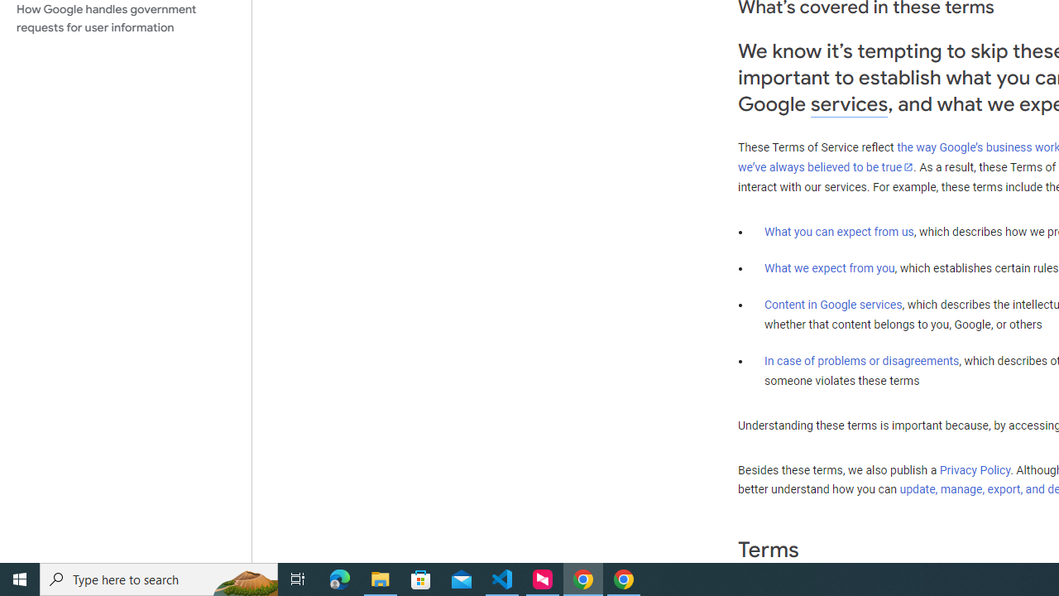 Image resolution: width=1059 pixels, height=596 pixels. Describe the element at coordinates (829, 267) in the screenshot. I see `'What we expect from you'` at that location.